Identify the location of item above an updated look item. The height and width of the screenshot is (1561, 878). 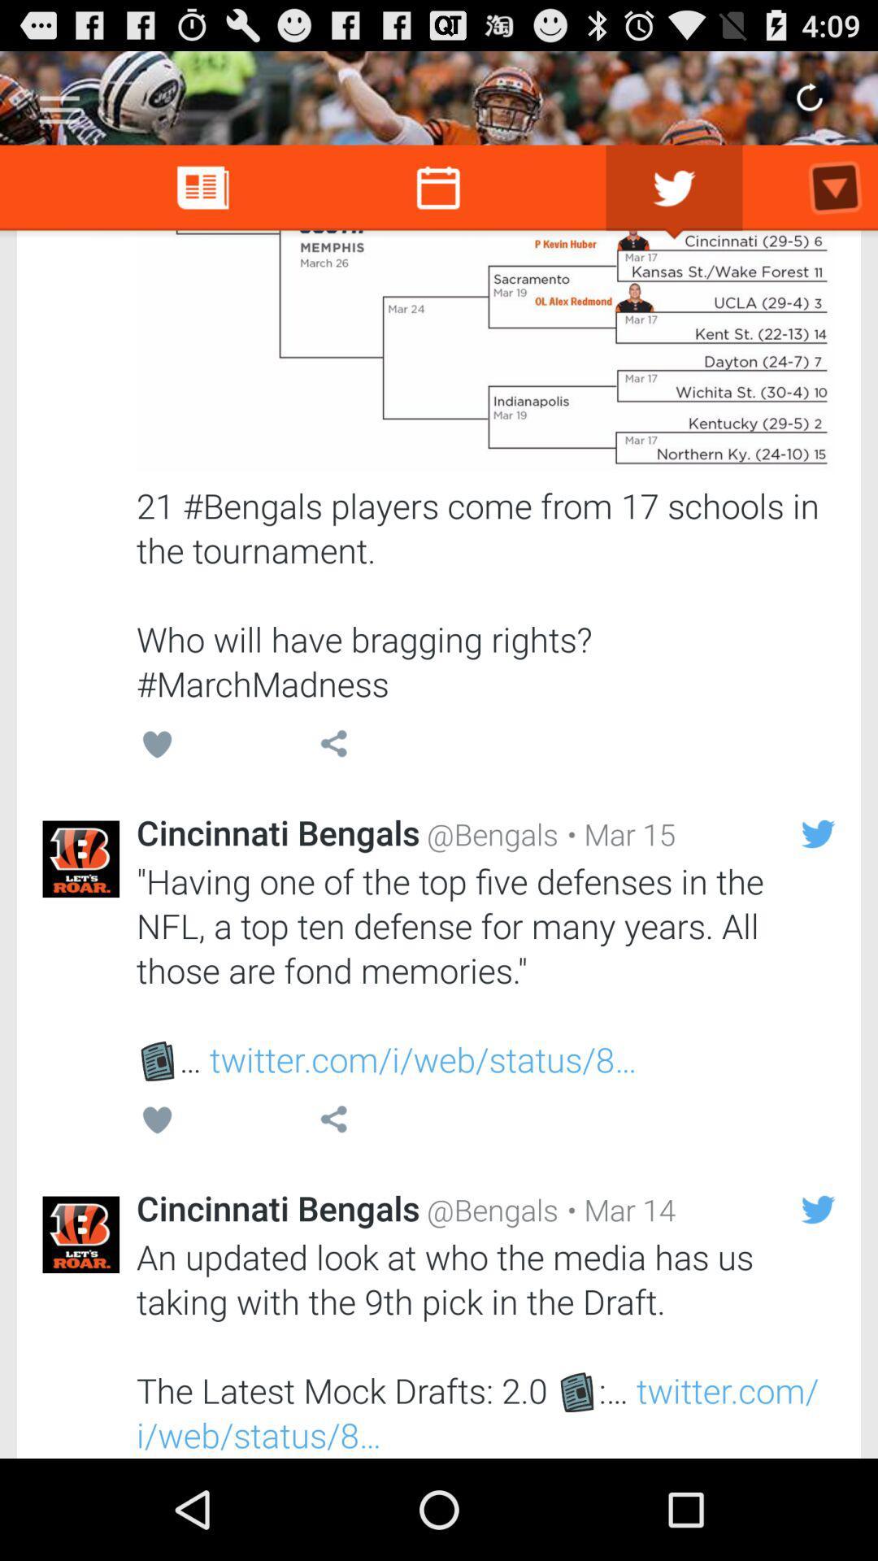
(617, 1210).